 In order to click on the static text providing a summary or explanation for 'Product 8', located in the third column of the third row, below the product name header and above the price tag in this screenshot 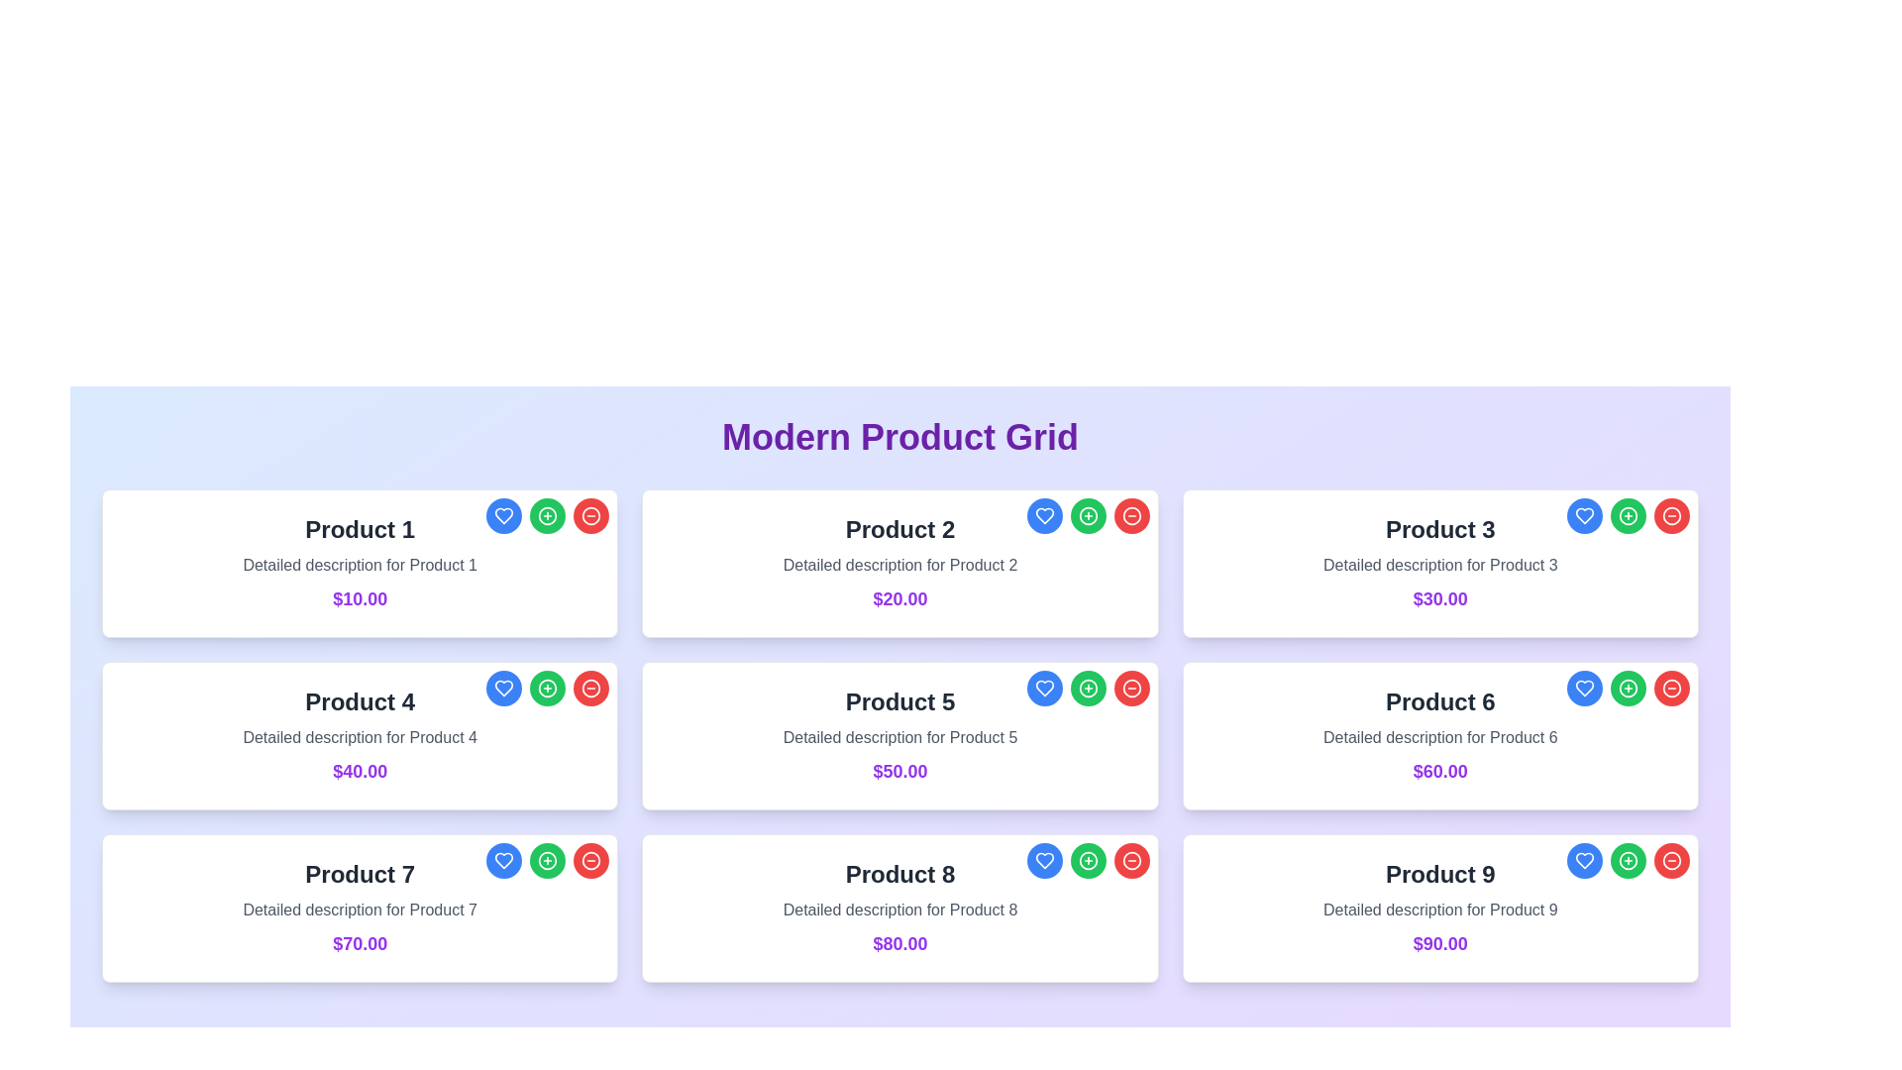, I will do `click(898, 909)`.